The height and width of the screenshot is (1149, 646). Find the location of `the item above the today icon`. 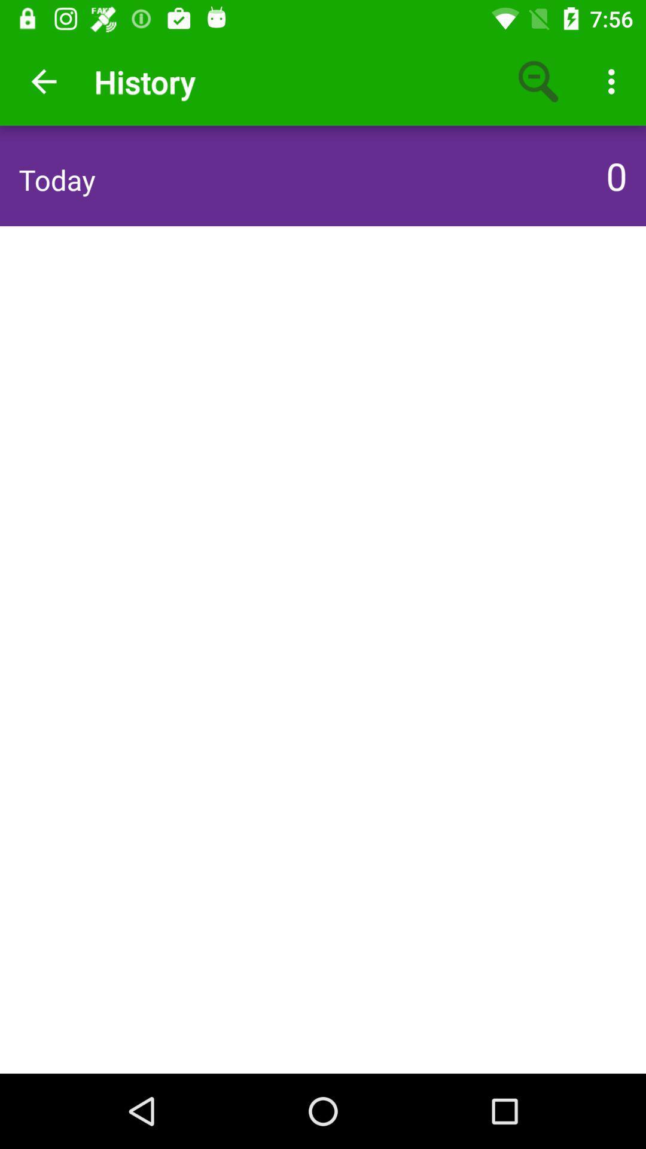

the item above the today icon is located at coordinates (43, 81).